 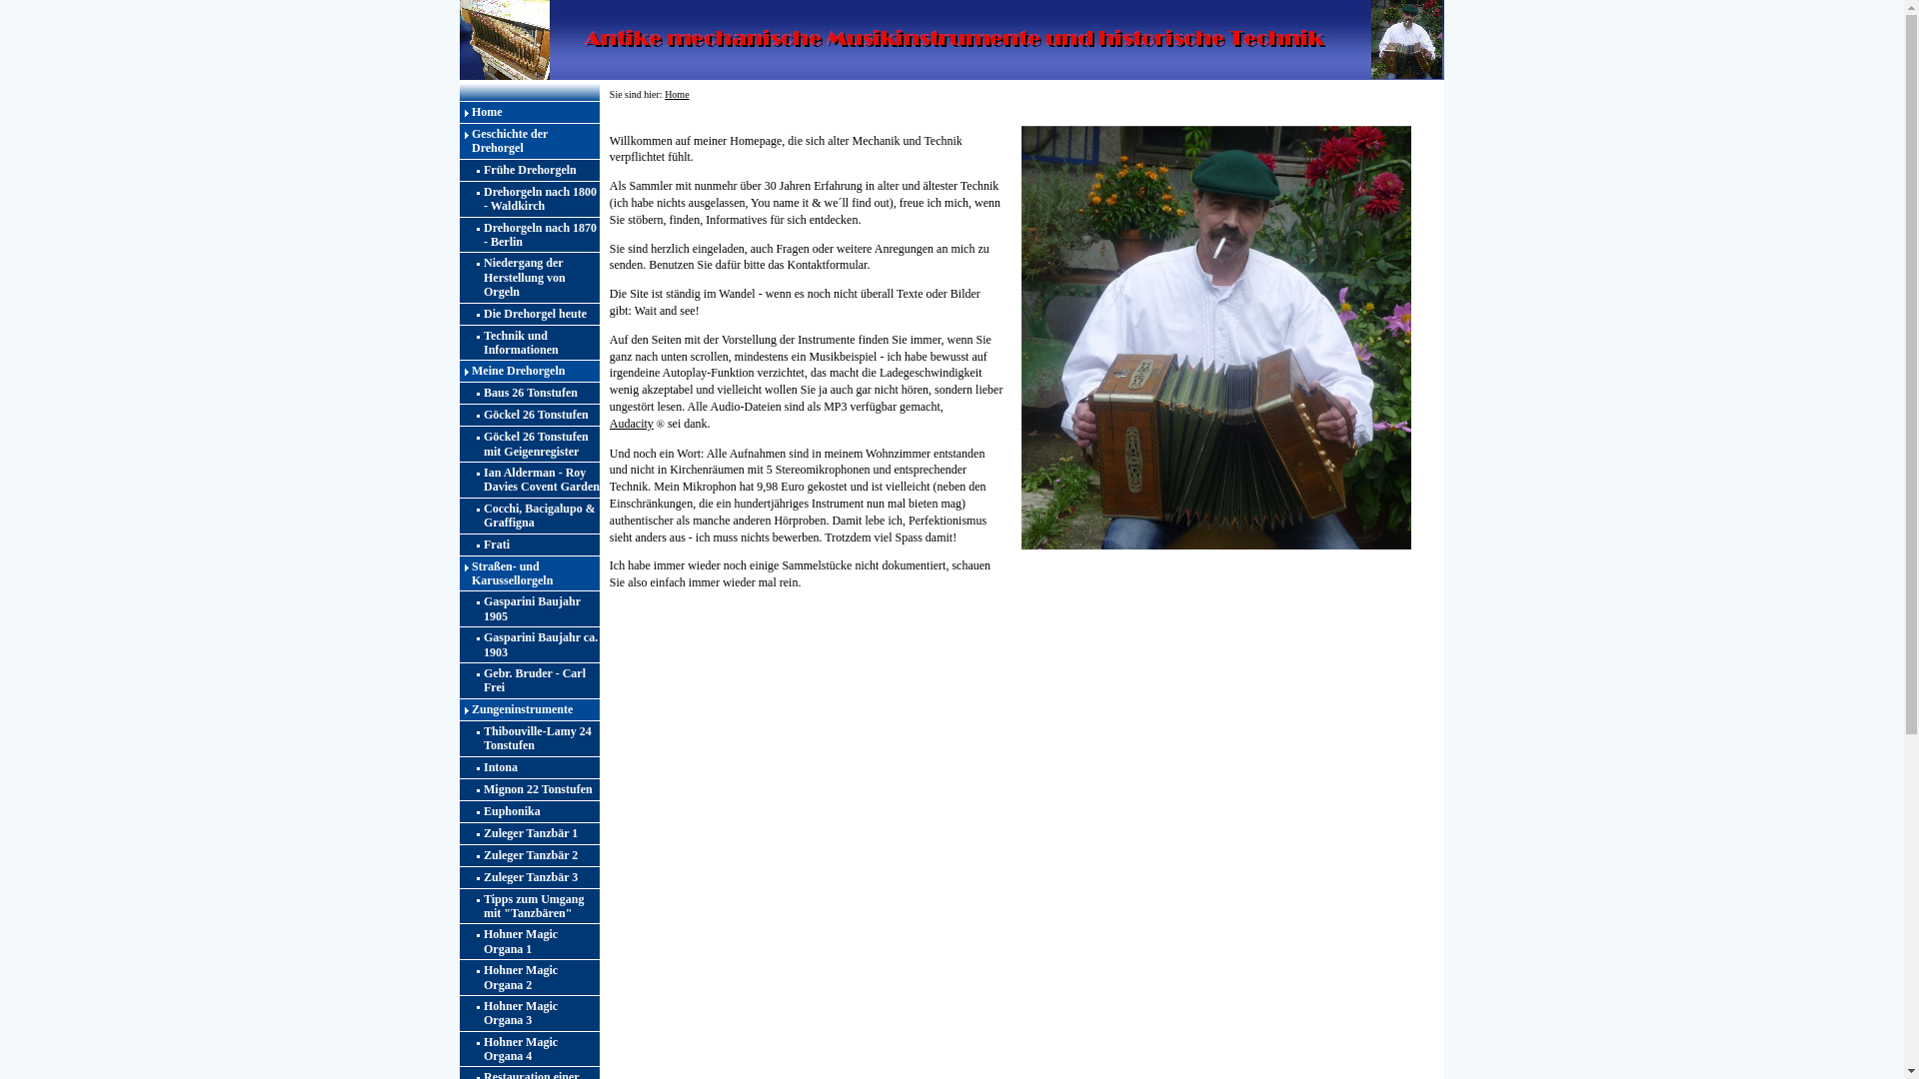 I want to click on 'Intona', so click(x=529, y=766).